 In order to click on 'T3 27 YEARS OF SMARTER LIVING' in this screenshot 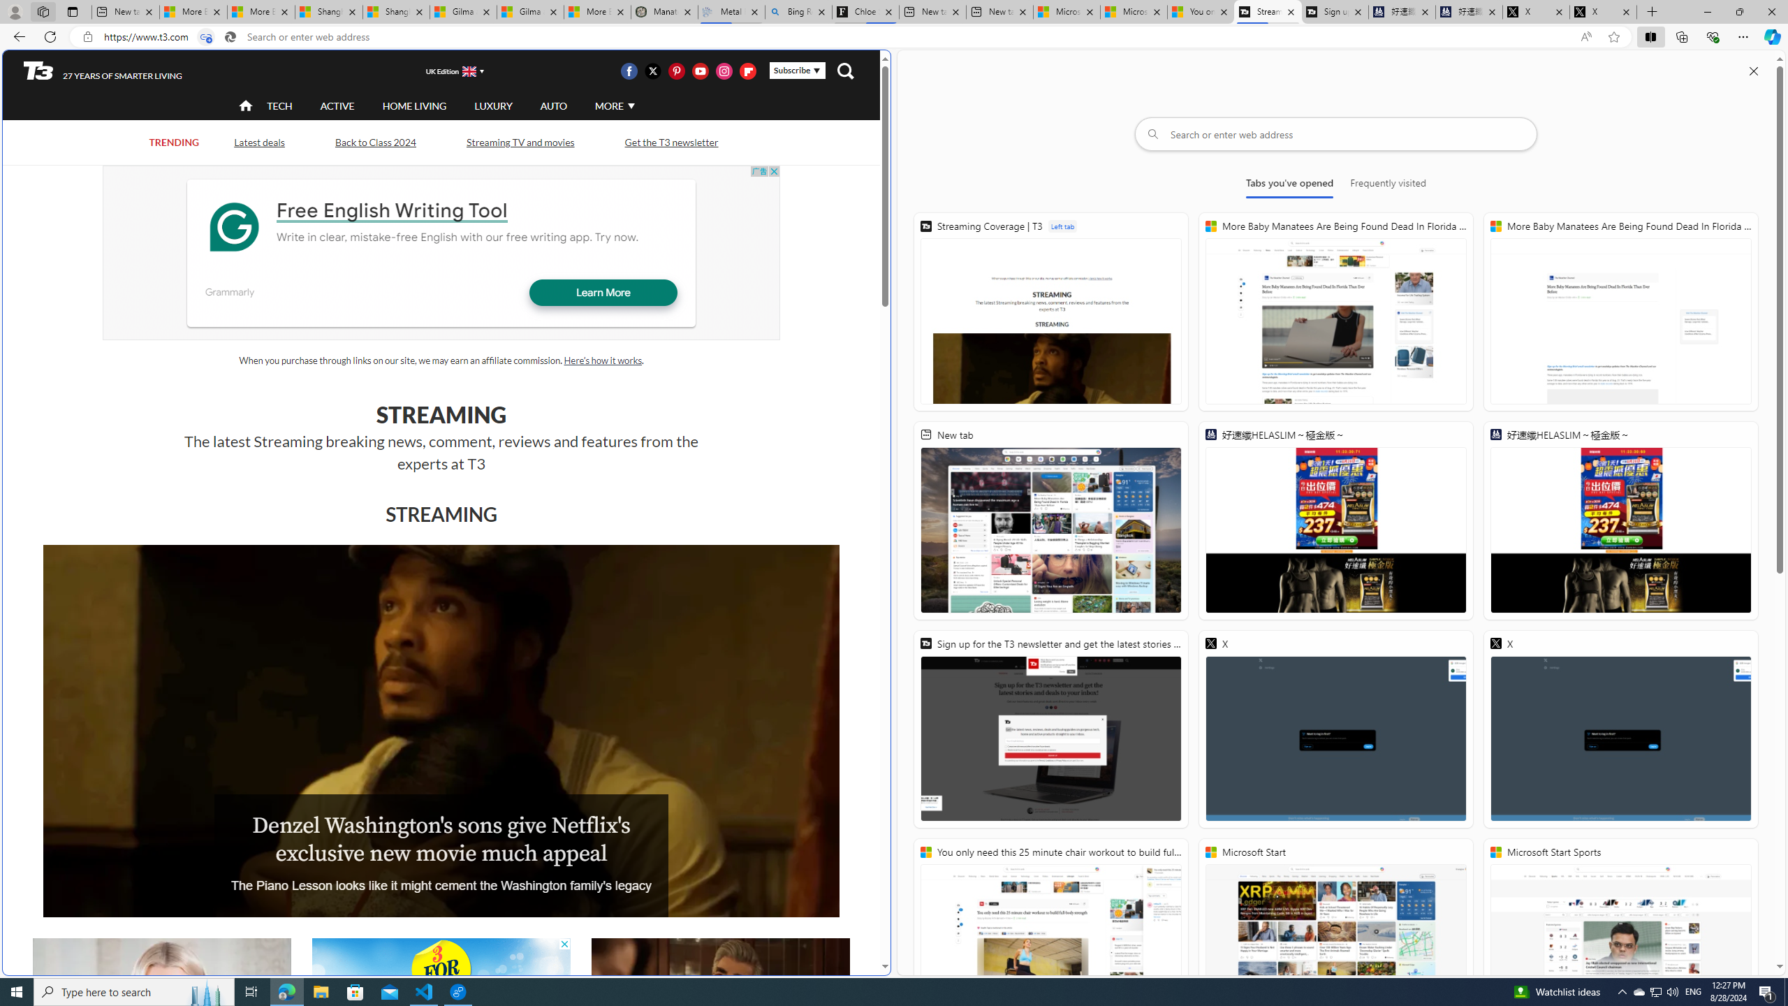, I will do `click(102, 71)`.